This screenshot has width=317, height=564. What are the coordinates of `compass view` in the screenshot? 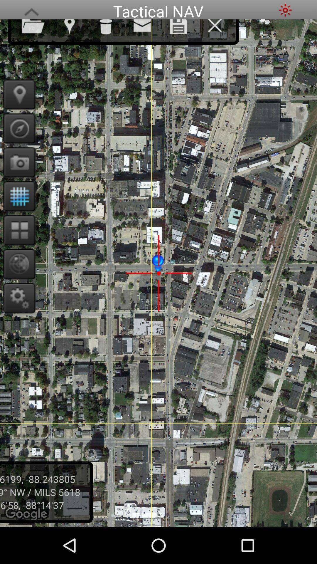 It's located at (17, 263).